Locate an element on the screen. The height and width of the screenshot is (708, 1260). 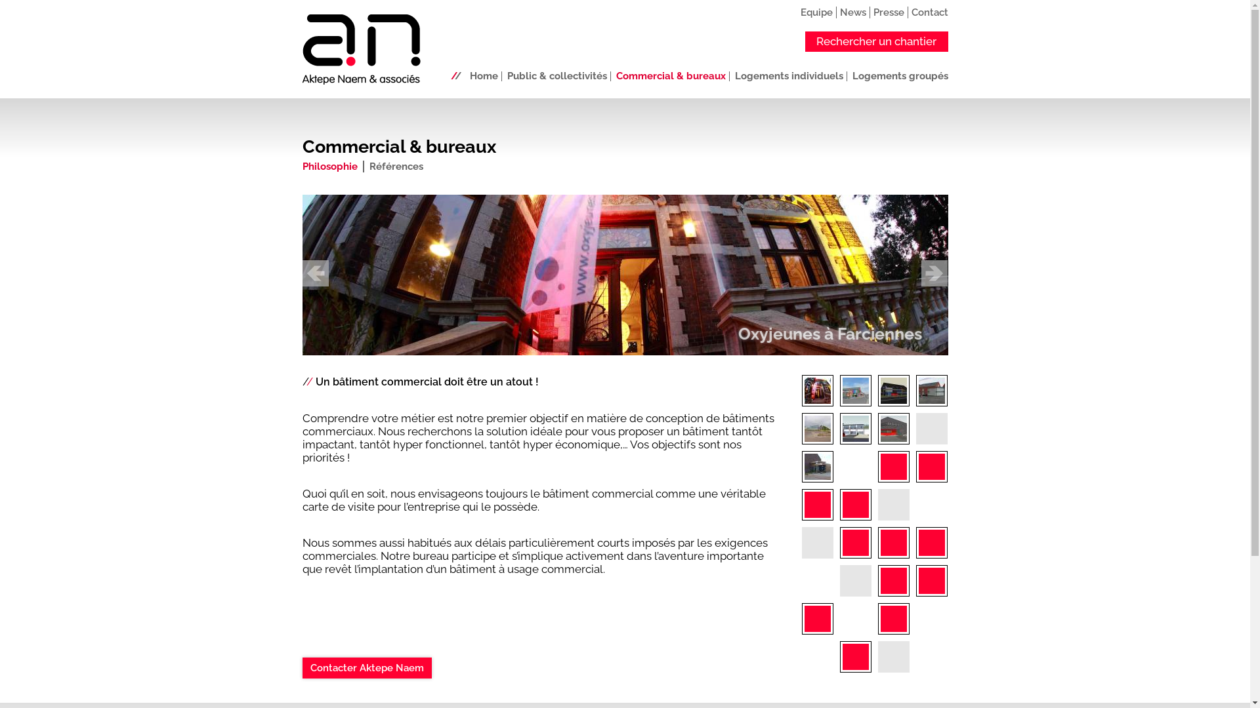
'Equipe' is located at coordinates (816, 12).